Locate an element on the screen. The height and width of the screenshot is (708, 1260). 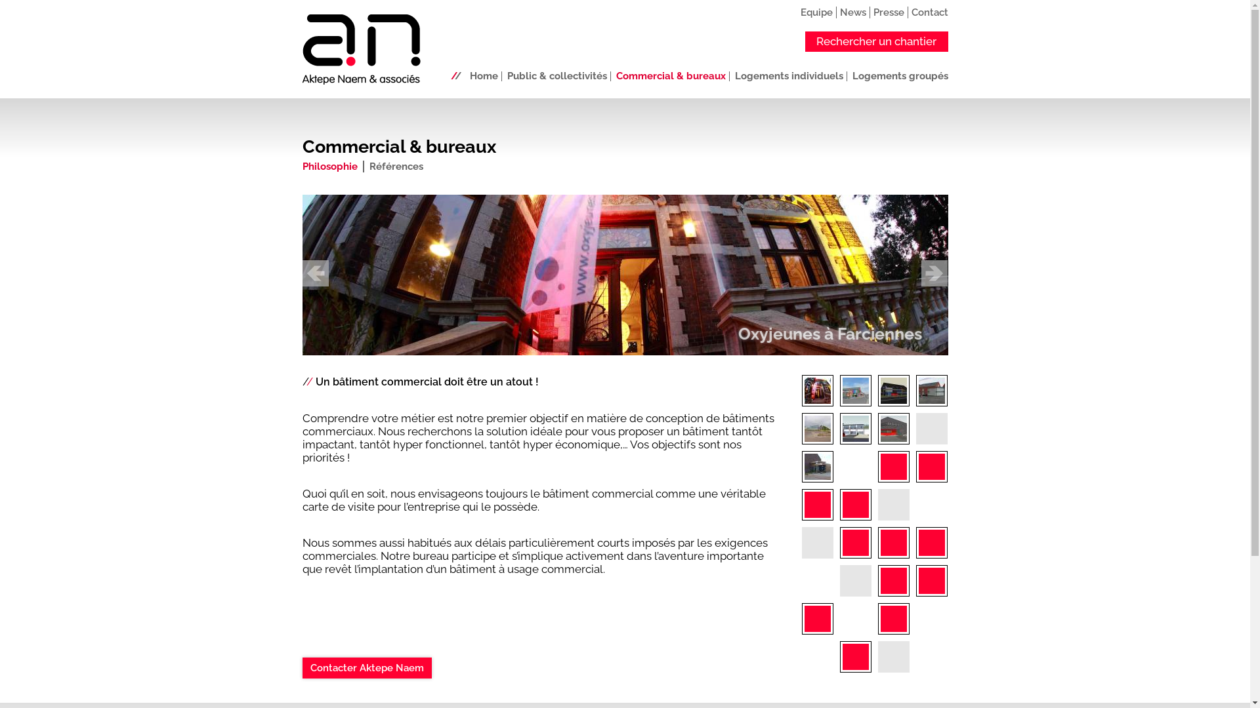
'Equipe' is located at coordinates (816, 12).